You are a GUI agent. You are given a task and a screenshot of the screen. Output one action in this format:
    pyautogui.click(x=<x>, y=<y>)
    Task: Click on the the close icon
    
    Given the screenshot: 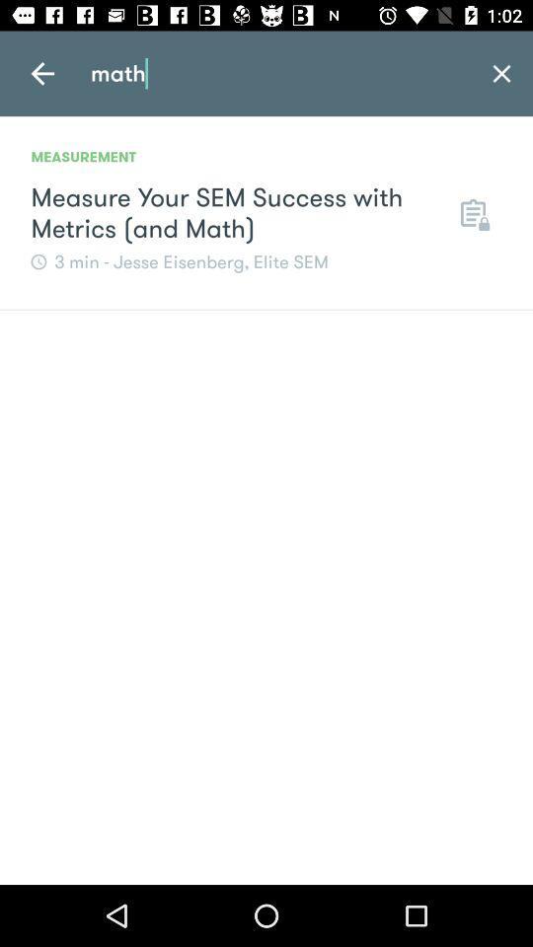 What is the action you would take?
    pyautogui.click(x=501, y=73)
    